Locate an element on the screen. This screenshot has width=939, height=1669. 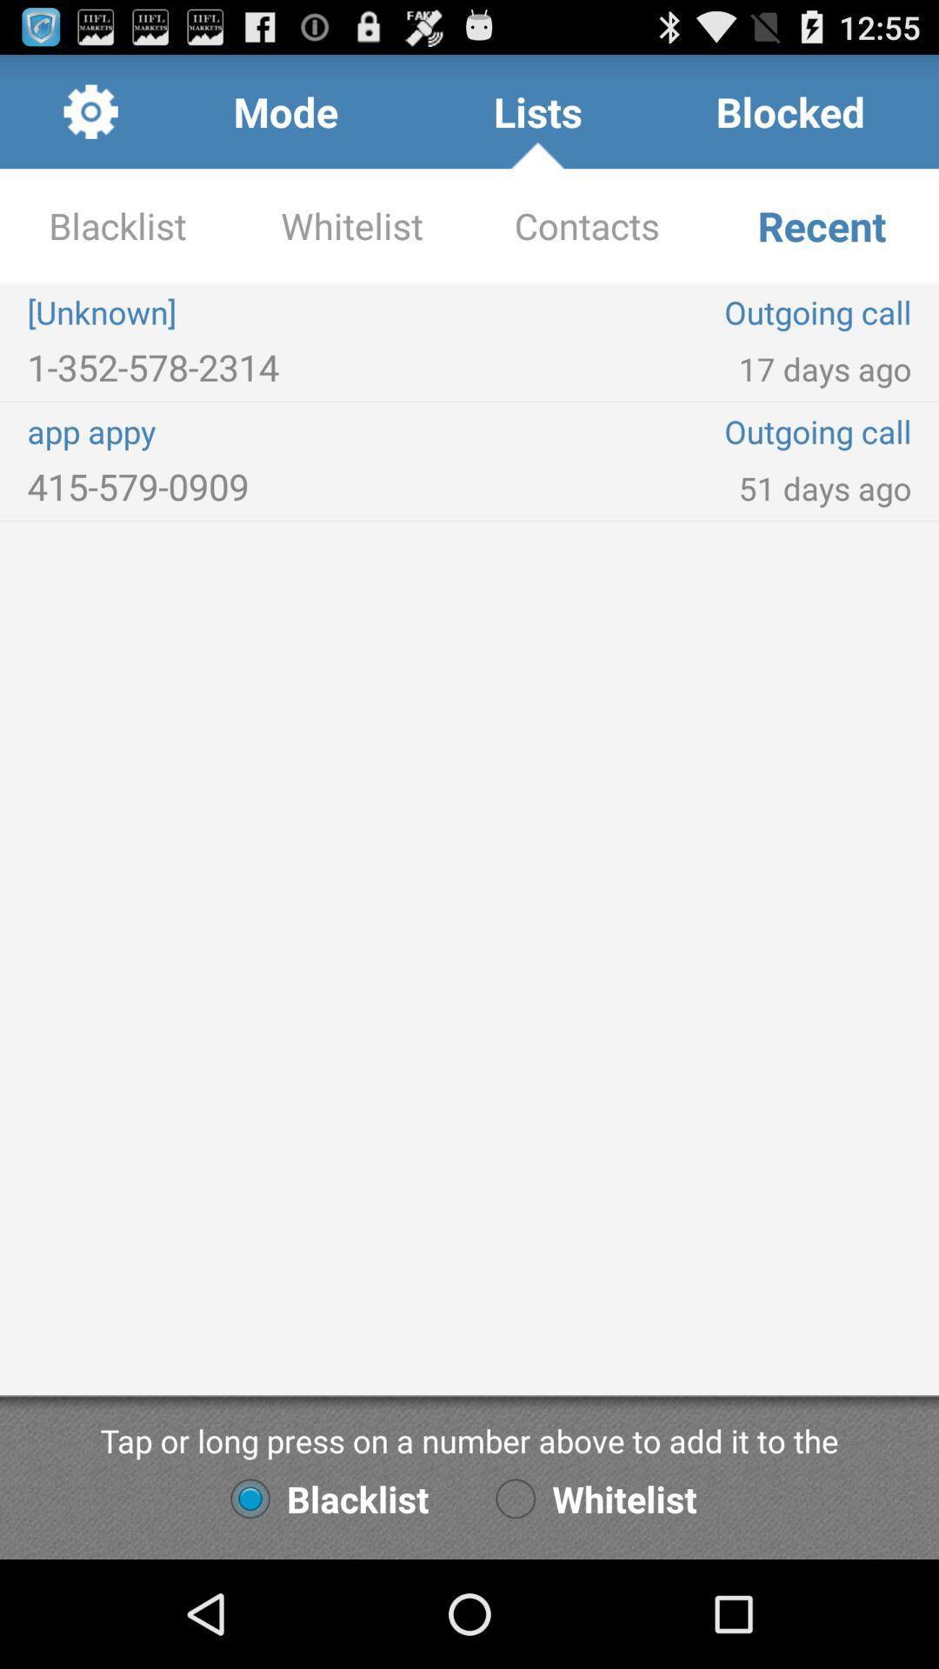
the icon to the left of the outgoing call is located at coordinates (248, 366).